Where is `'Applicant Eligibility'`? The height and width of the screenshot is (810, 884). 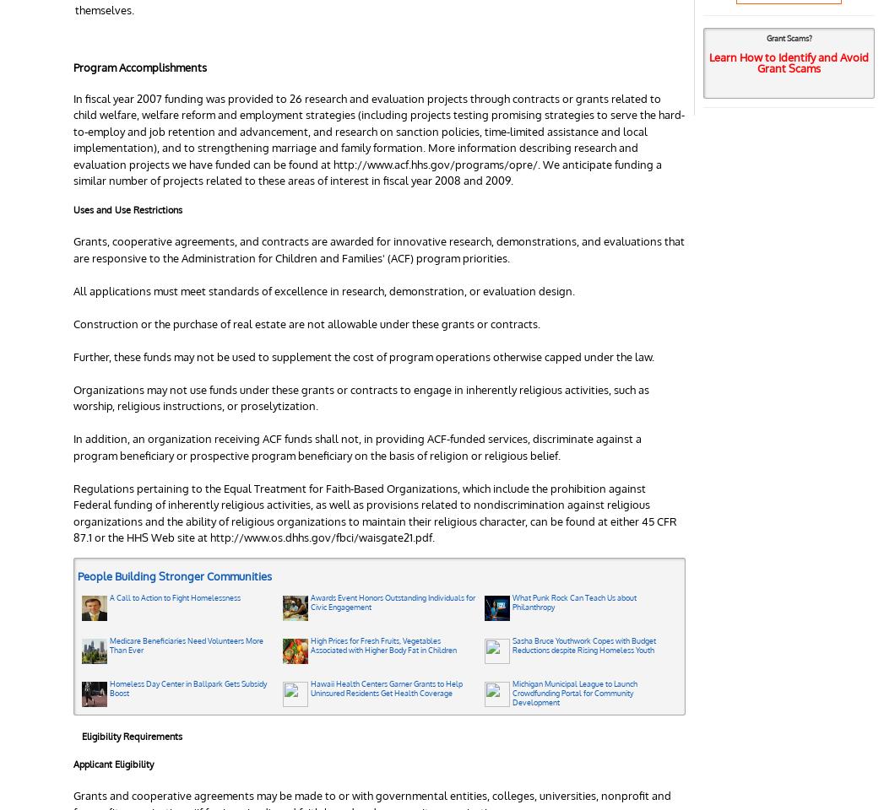 'Applicant Eligibility' is located at coordinates (112, 764).